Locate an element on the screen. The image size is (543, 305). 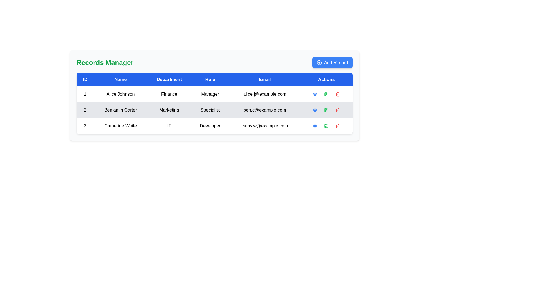
the save icon, which is a green disk symbol located in the Actions column of the table row for 'Catherine White' is located at coordinates (326, 126).